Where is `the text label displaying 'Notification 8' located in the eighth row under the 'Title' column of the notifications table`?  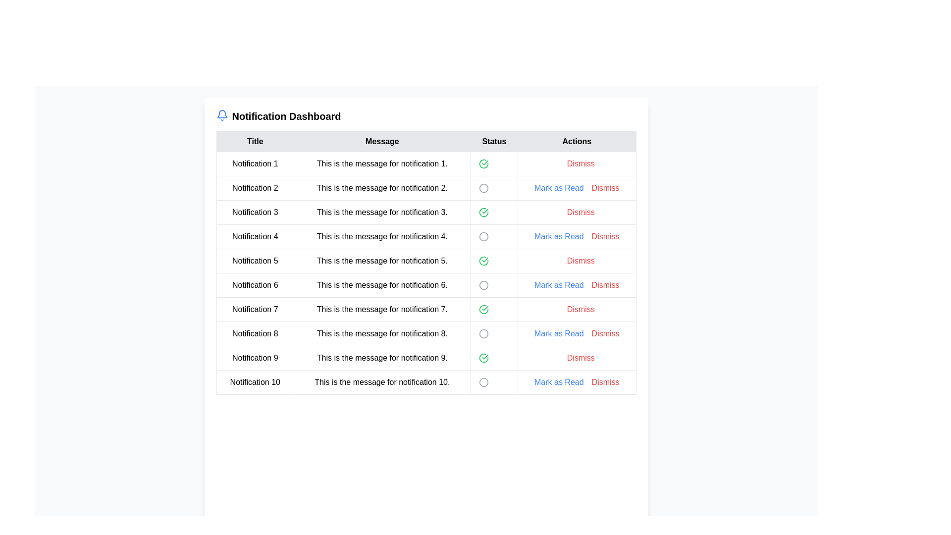
the text label displaying 'Notification 8' located in the eighth row under the 'Title' column of the notifications table is located at coordinates (255, 334).